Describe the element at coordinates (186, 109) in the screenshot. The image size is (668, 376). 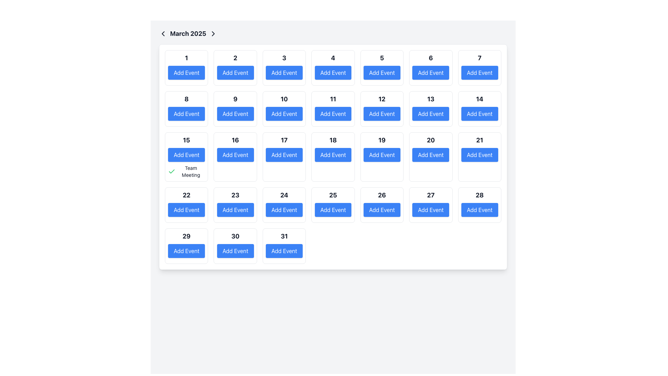
I see `the 'Add Event' button located in the calendar grid for the 8th day` at that location.